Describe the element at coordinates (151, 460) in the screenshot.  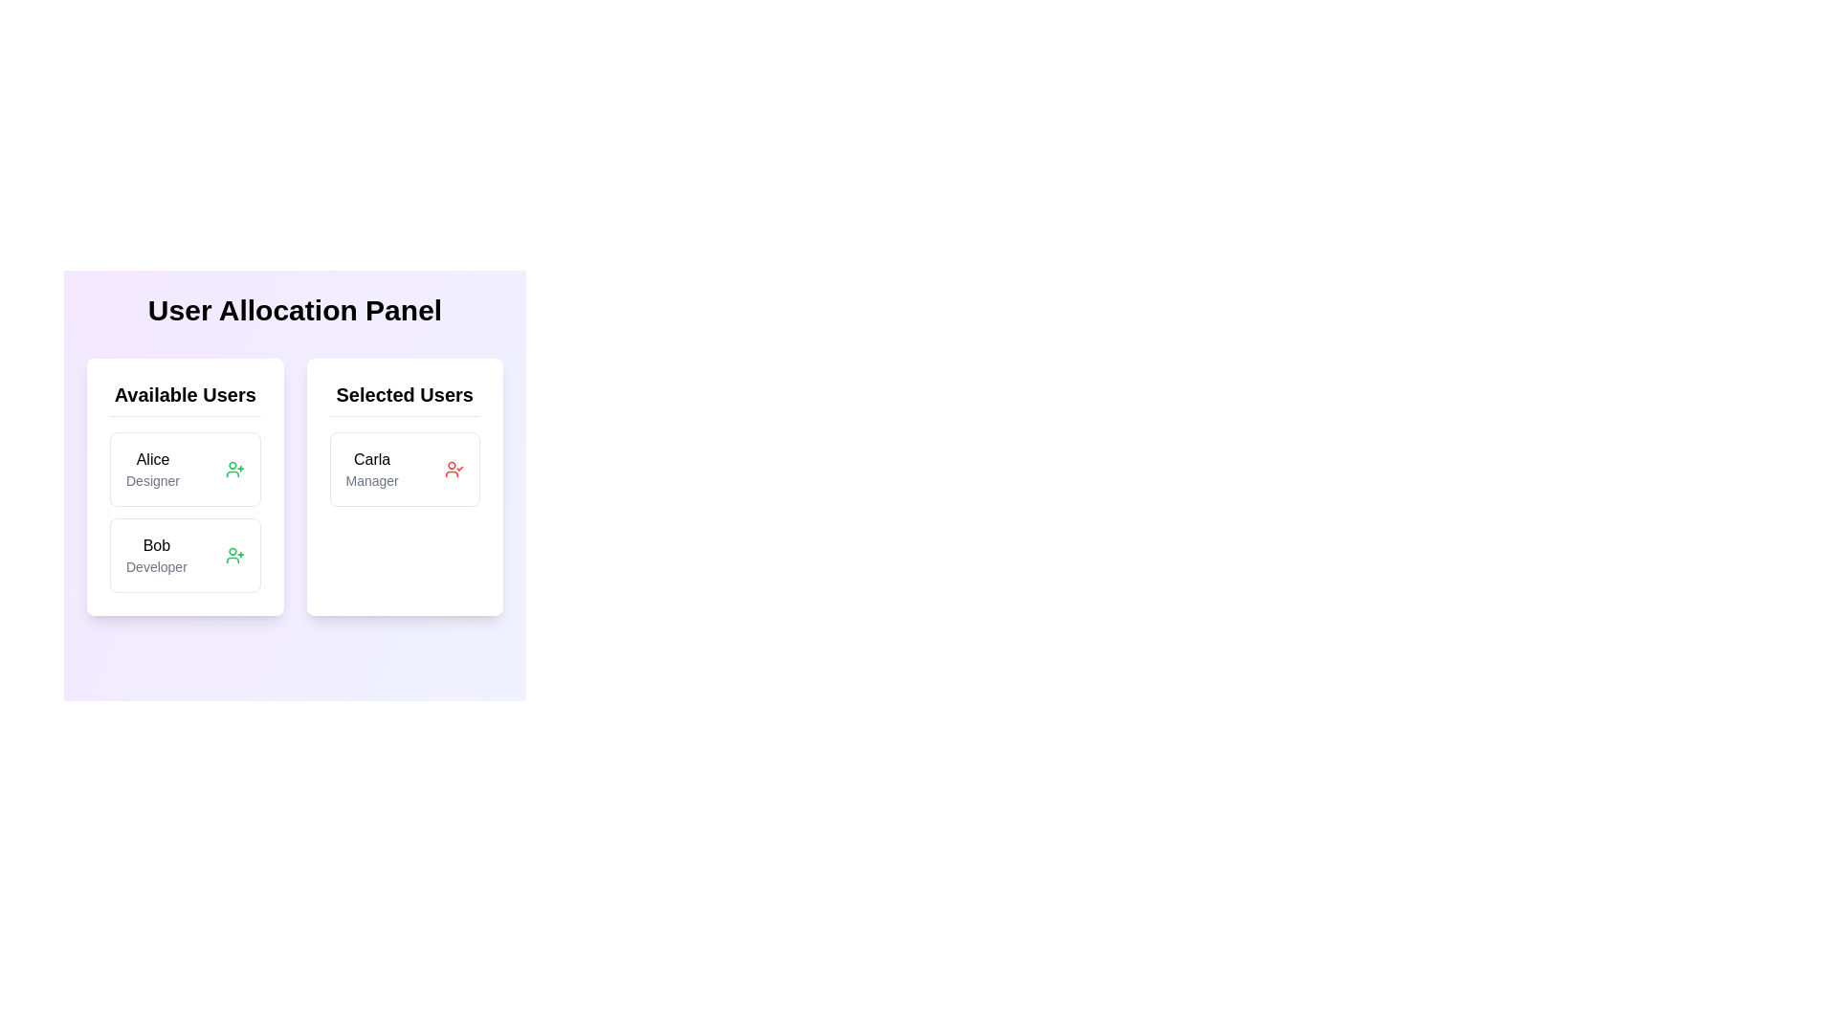
I see `the Text label displaying the name of the user available for selection in the panel, located in the upper left section of the card labeled 'Available Users'` at that location.